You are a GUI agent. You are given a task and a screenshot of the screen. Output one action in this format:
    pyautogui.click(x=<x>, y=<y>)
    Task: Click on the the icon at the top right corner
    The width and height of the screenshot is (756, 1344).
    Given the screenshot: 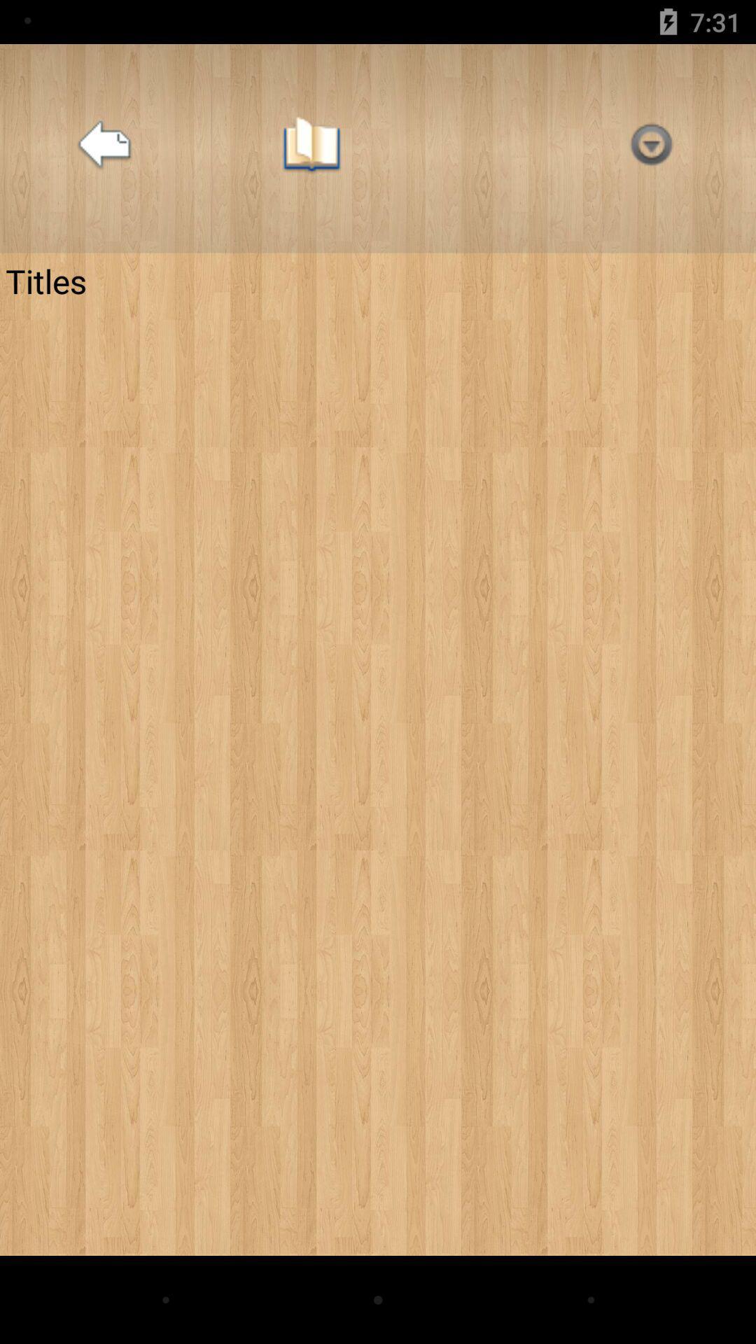 What is the action you would take?
    pyautogui.click(x=651, y=148)
    